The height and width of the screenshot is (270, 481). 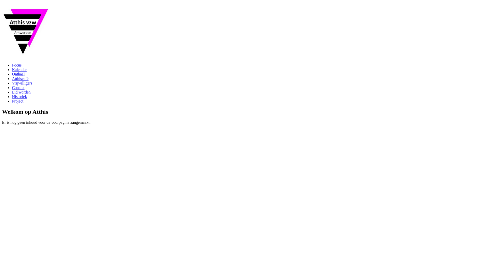 What do you see at coordinates (25, 55) in the screenshot?
I see `'Home'` at bounding box center [25, 55].